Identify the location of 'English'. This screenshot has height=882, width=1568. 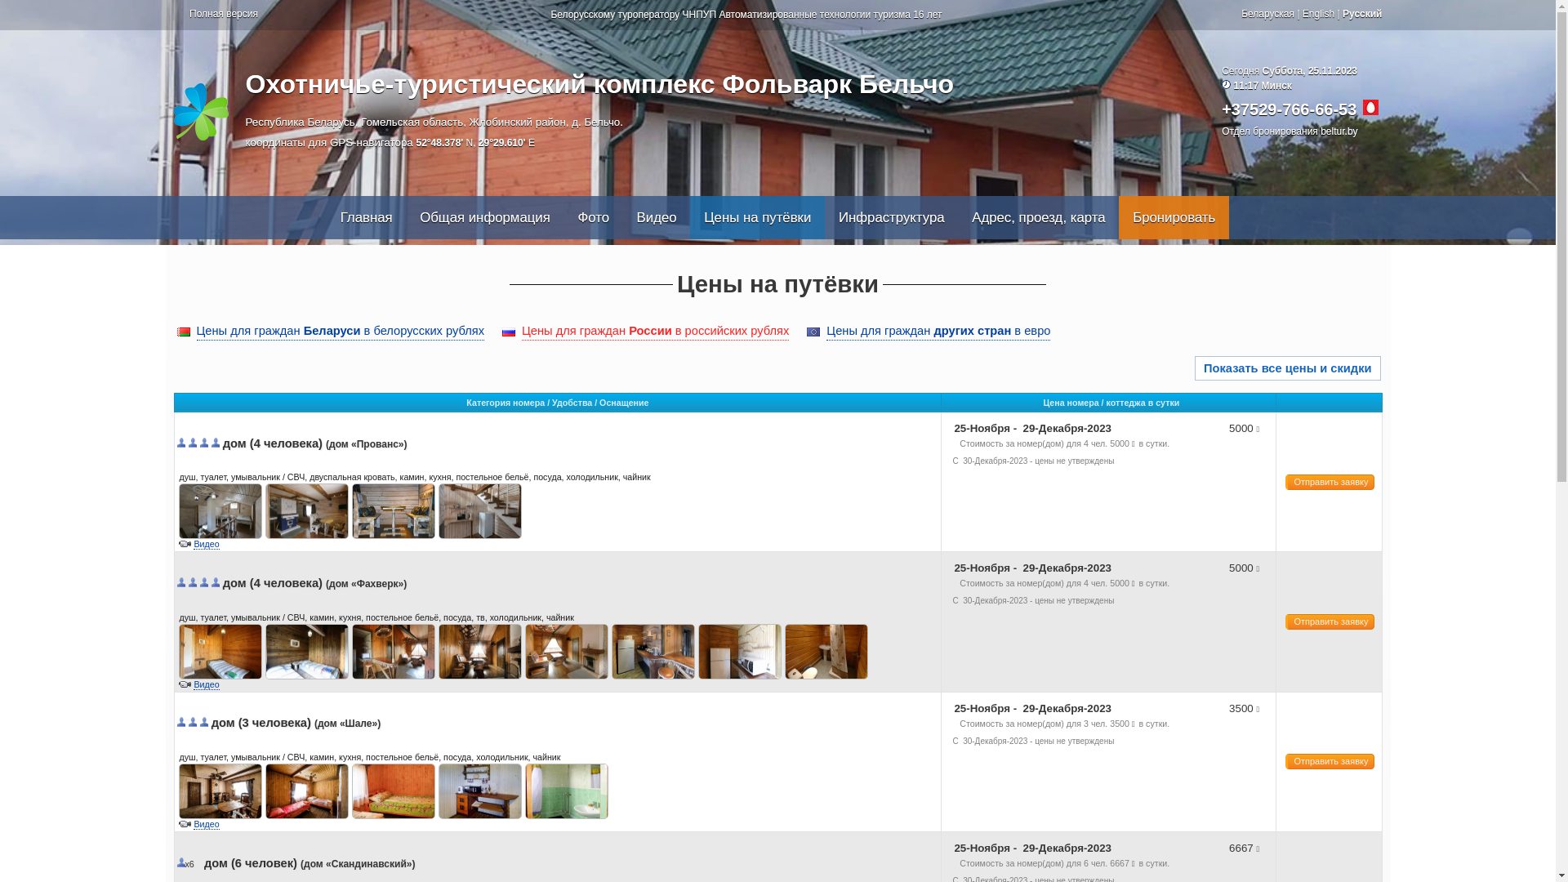
(1301, 13).